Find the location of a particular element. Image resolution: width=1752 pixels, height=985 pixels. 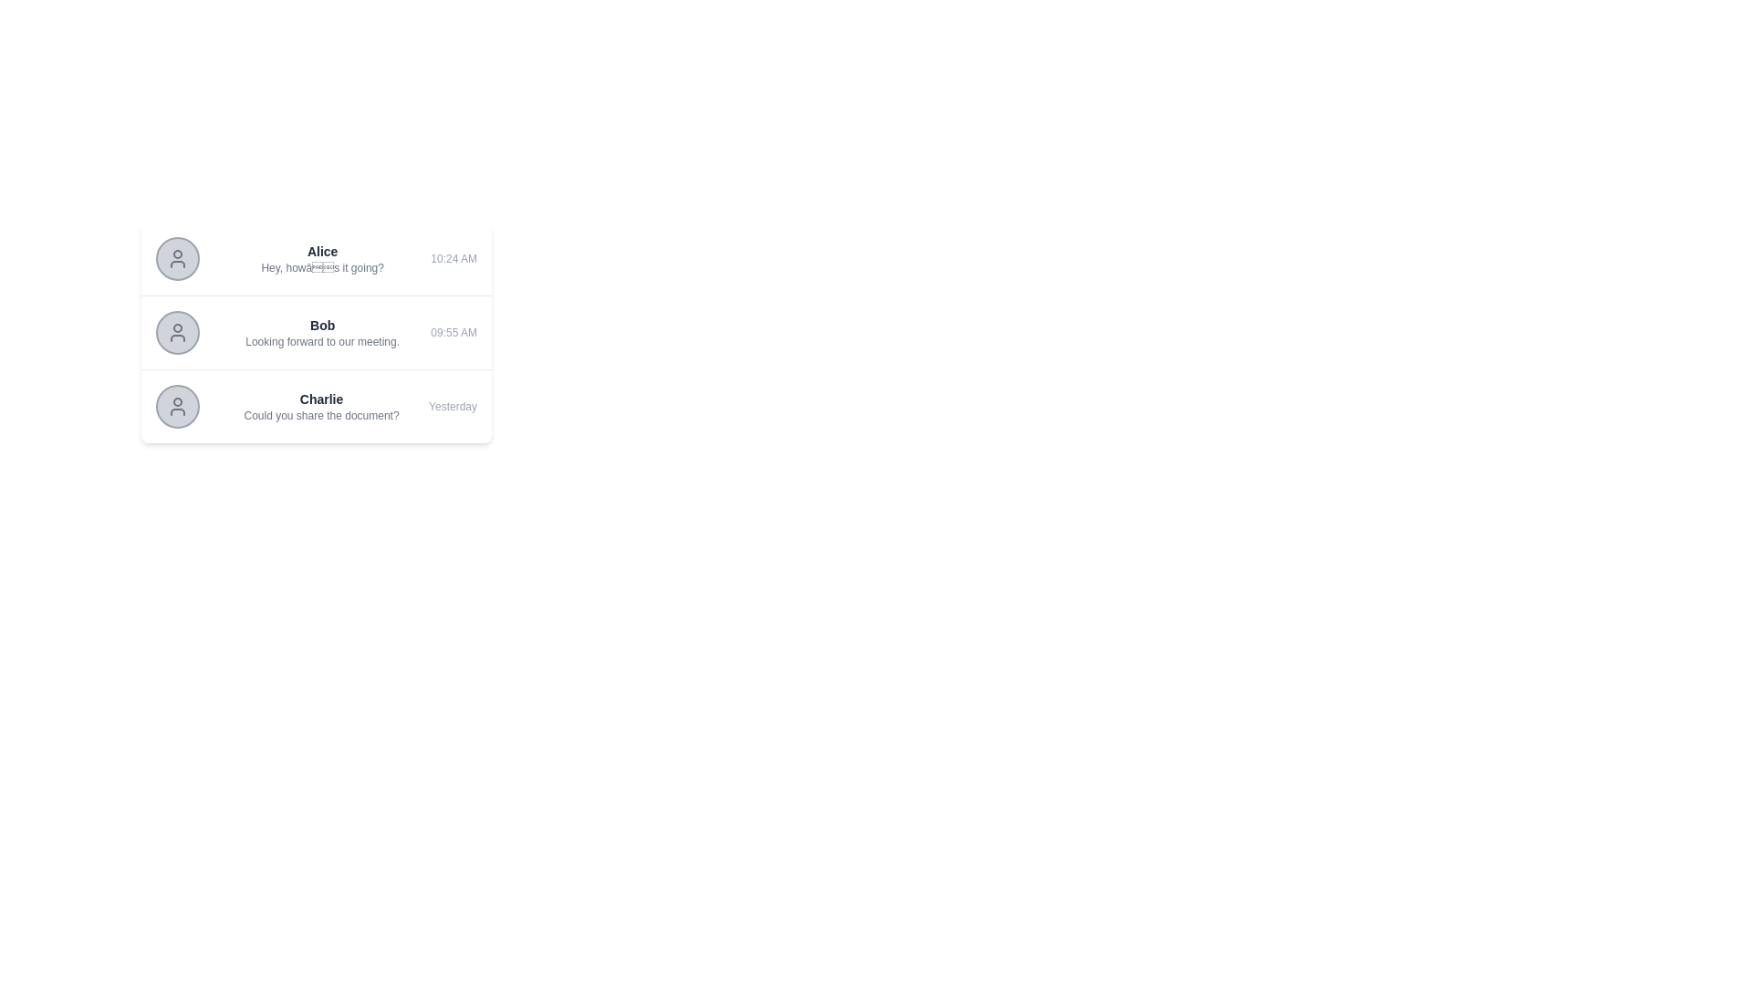

timestamp text located on the right side of the 'Bob' item in the chat message list, positioned after the message 'Looking forward to our meeting.' is located at coordinates (454, 333).